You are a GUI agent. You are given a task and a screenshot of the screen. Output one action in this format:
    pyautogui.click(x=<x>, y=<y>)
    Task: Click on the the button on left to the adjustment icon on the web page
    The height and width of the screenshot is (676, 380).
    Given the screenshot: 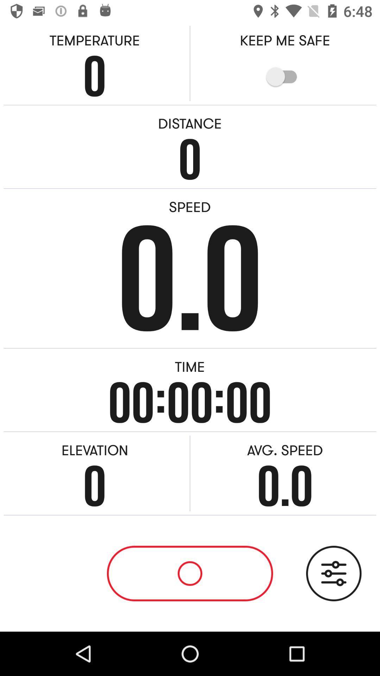 What is the action you would take?
    pyautogui.click(x=190, y=573)
    